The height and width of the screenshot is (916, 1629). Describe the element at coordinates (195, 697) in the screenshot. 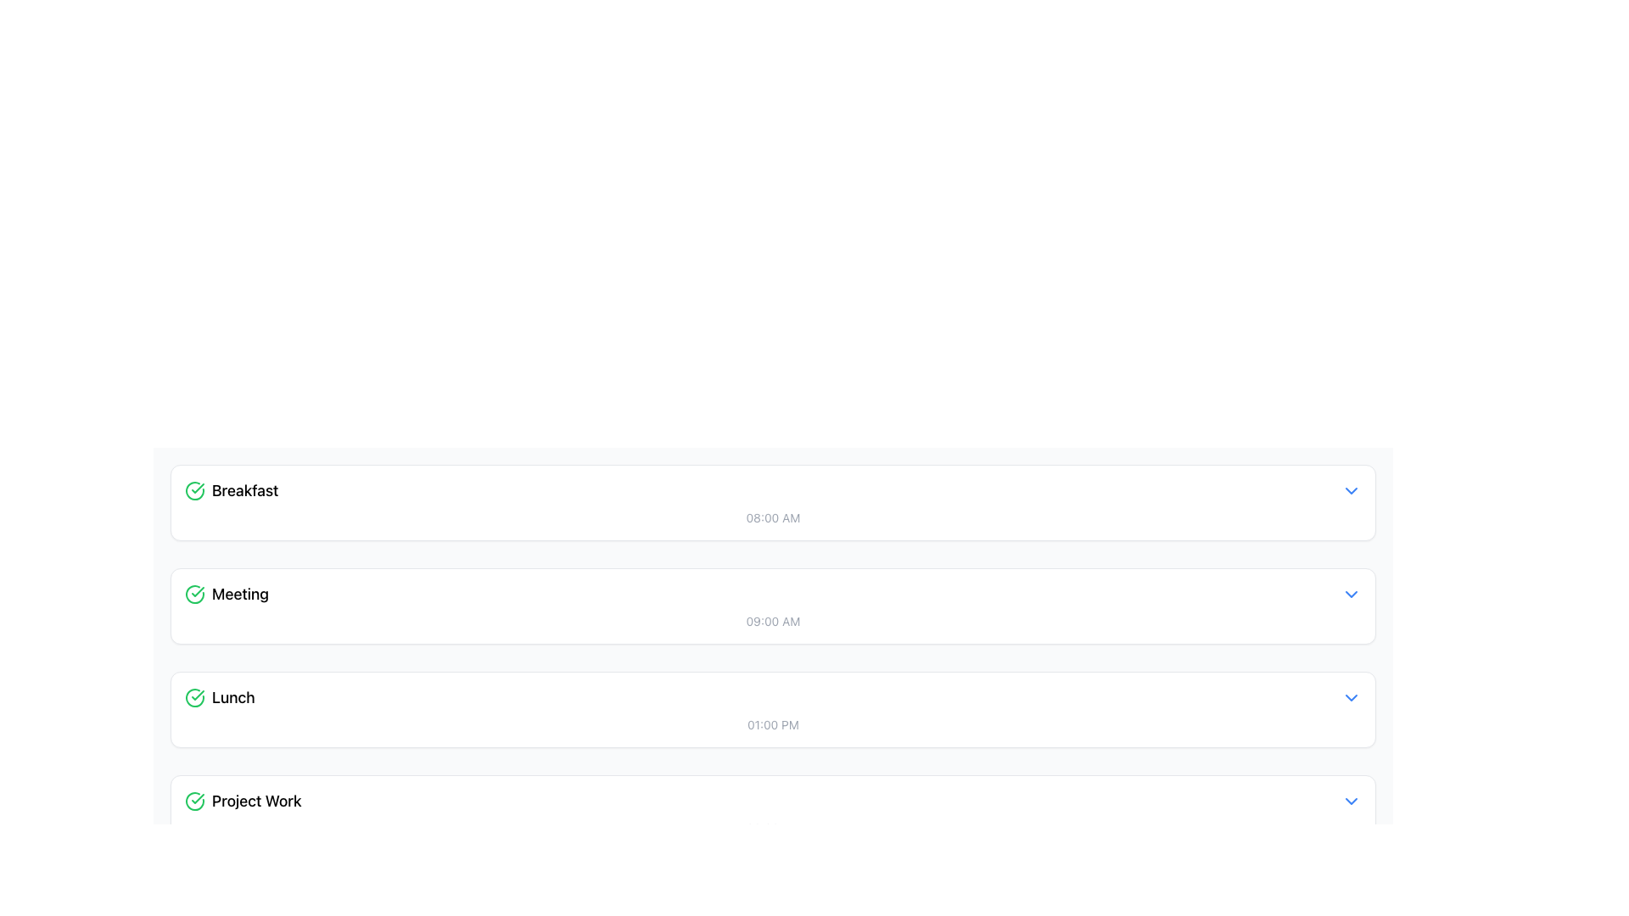

I see `the green circular outline segment of the checkmark icon located adjacent to the 'Lunch' label in a vertical list` at that location.